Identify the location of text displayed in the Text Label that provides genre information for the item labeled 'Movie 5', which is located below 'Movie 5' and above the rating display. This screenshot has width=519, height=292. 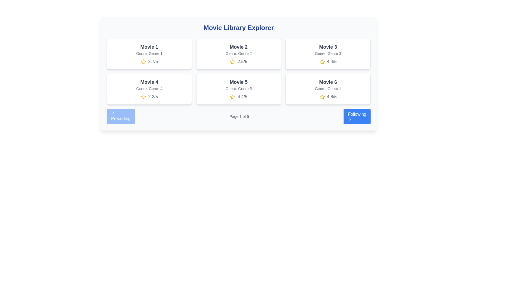
(238, 88).